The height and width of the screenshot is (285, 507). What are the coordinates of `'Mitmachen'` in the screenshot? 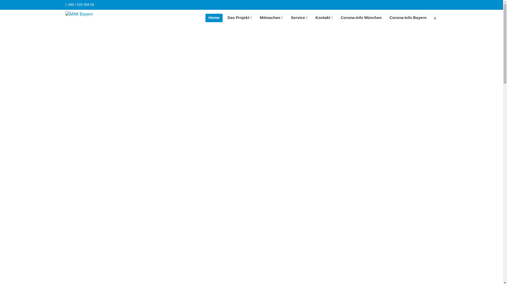 It's located at (271, 18).